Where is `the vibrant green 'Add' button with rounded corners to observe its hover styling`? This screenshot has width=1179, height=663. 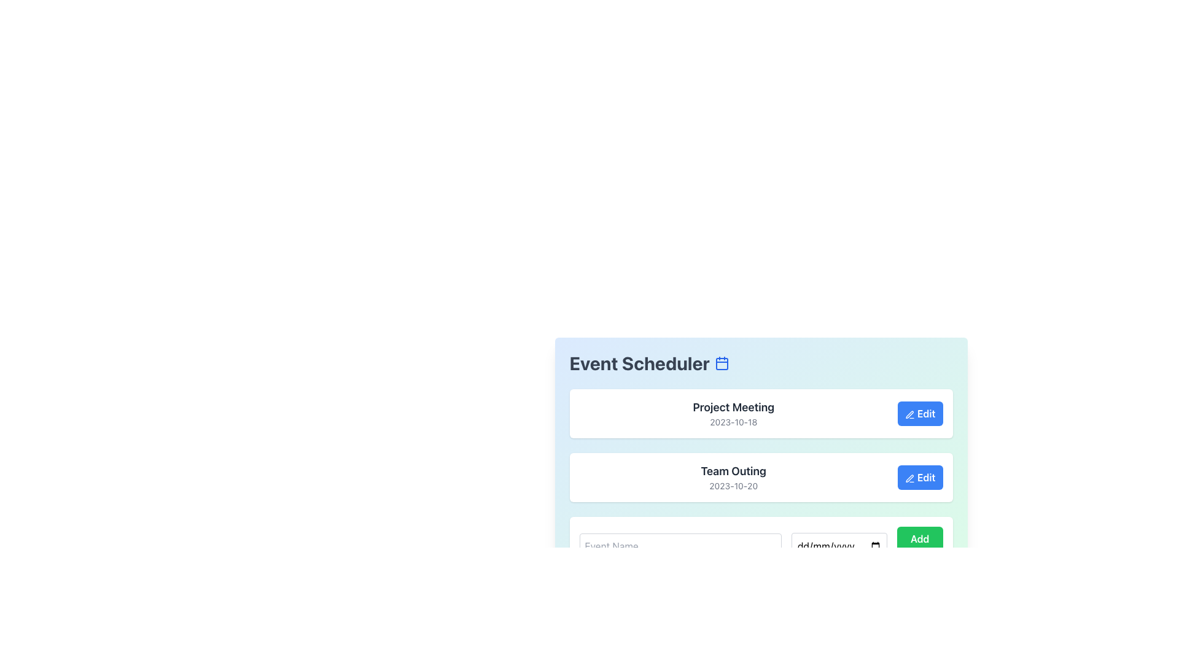
the vibrant green 'Add' button with rounded corners to observe its hover styling is located at coordinates (920, 546).